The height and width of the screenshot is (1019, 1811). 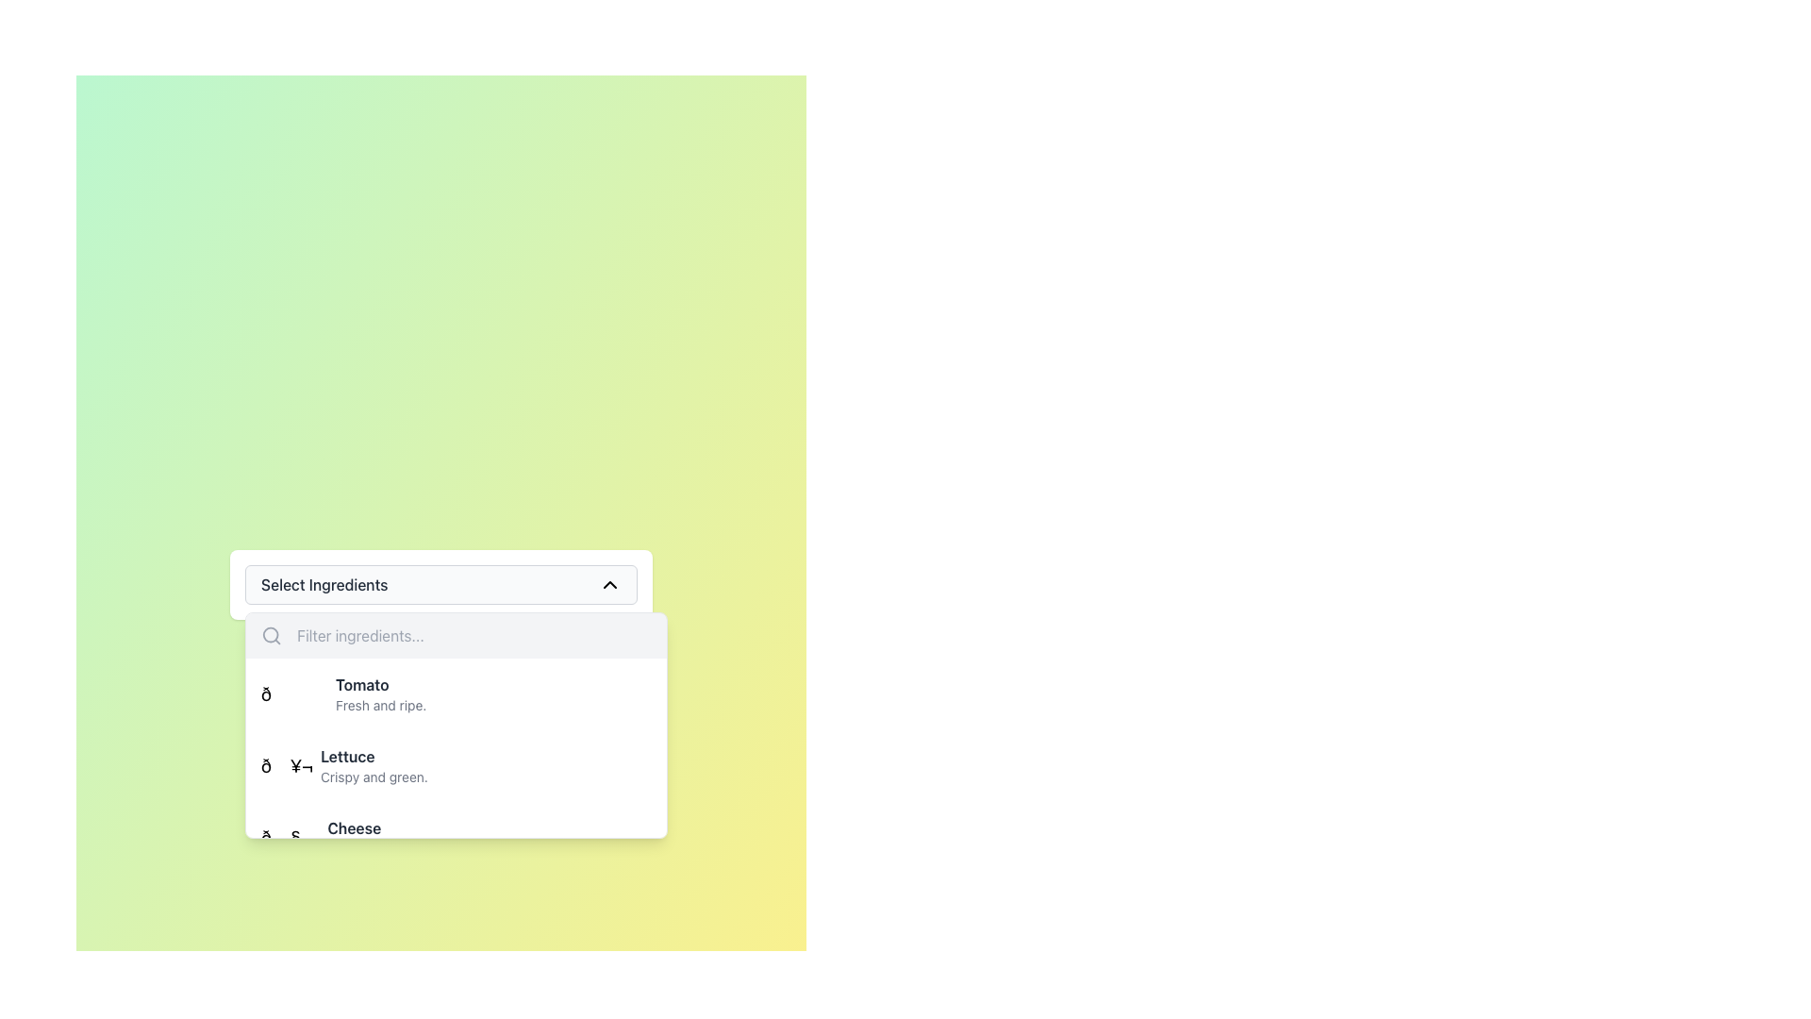 I want to click on the Icon or Chevron Indicator located at the far right of the 'Select Ingredients' horizontal bar, so click(x=610, y=584).